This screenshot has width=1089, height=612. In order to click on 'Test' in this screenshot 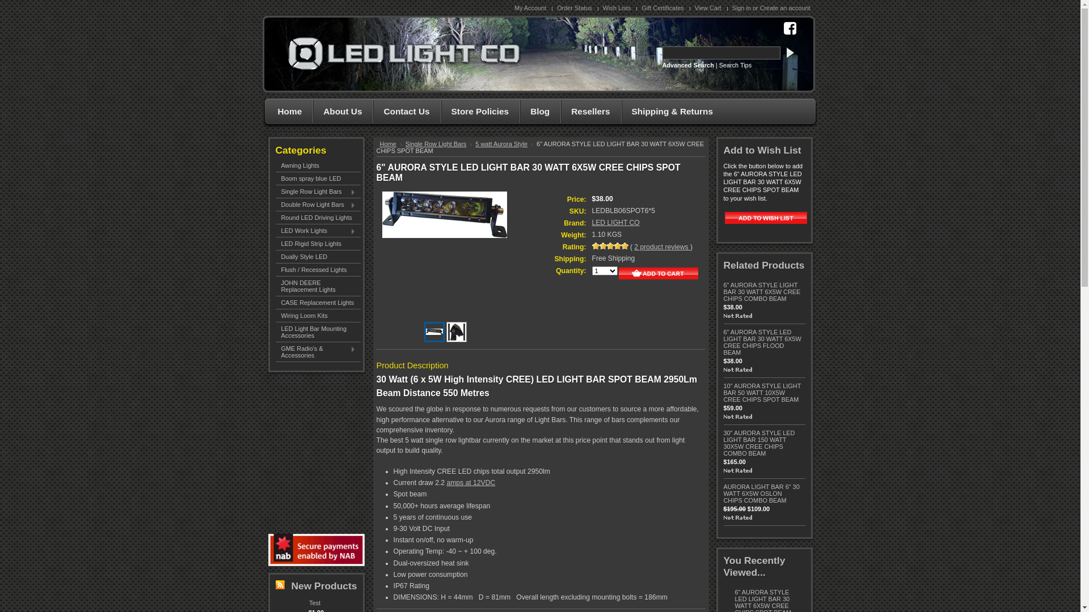, I will do `click(309, 602)`.